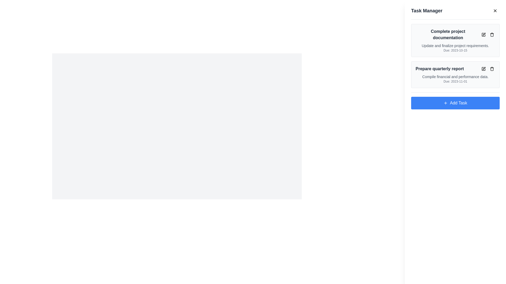  What do you see at coordinates (483, 34) in the screenshot?
I see `the Edit icon represented by an SVG graphic inside a button, located in the 'Task Manager' panel next to the title 'Complete project documentation'` at bounding box center [483, 34].